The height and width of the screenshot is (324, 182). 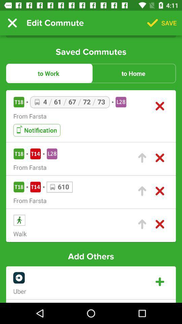 What do you see at coordinates (142, 158) in the screenshot?
I see `click arrow to select` at bounding box center [142, 158].